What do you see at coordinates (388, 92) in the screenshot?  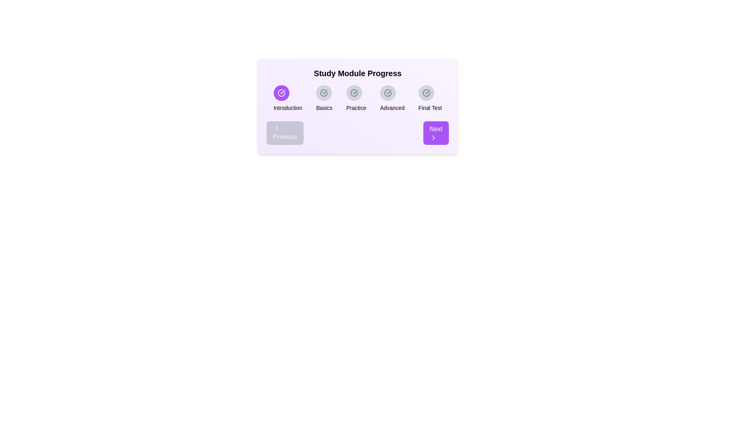 I see `the circular status indicator with a checkmark icon labeled 'Advanced', which is the third icon in a horizontal row representing different stages of study progress` at bounding box center [388, 92].